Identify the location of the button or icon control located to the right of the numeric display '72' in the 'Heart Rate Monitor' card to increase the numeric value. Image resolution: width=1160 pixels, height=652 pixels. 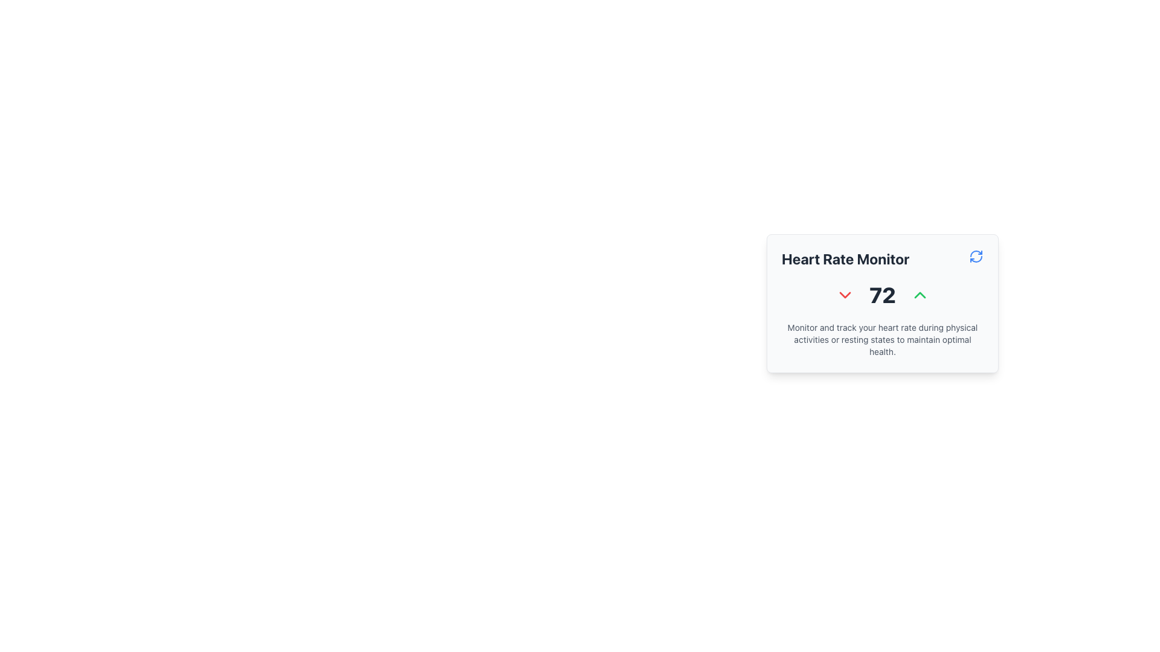
(919, 295).